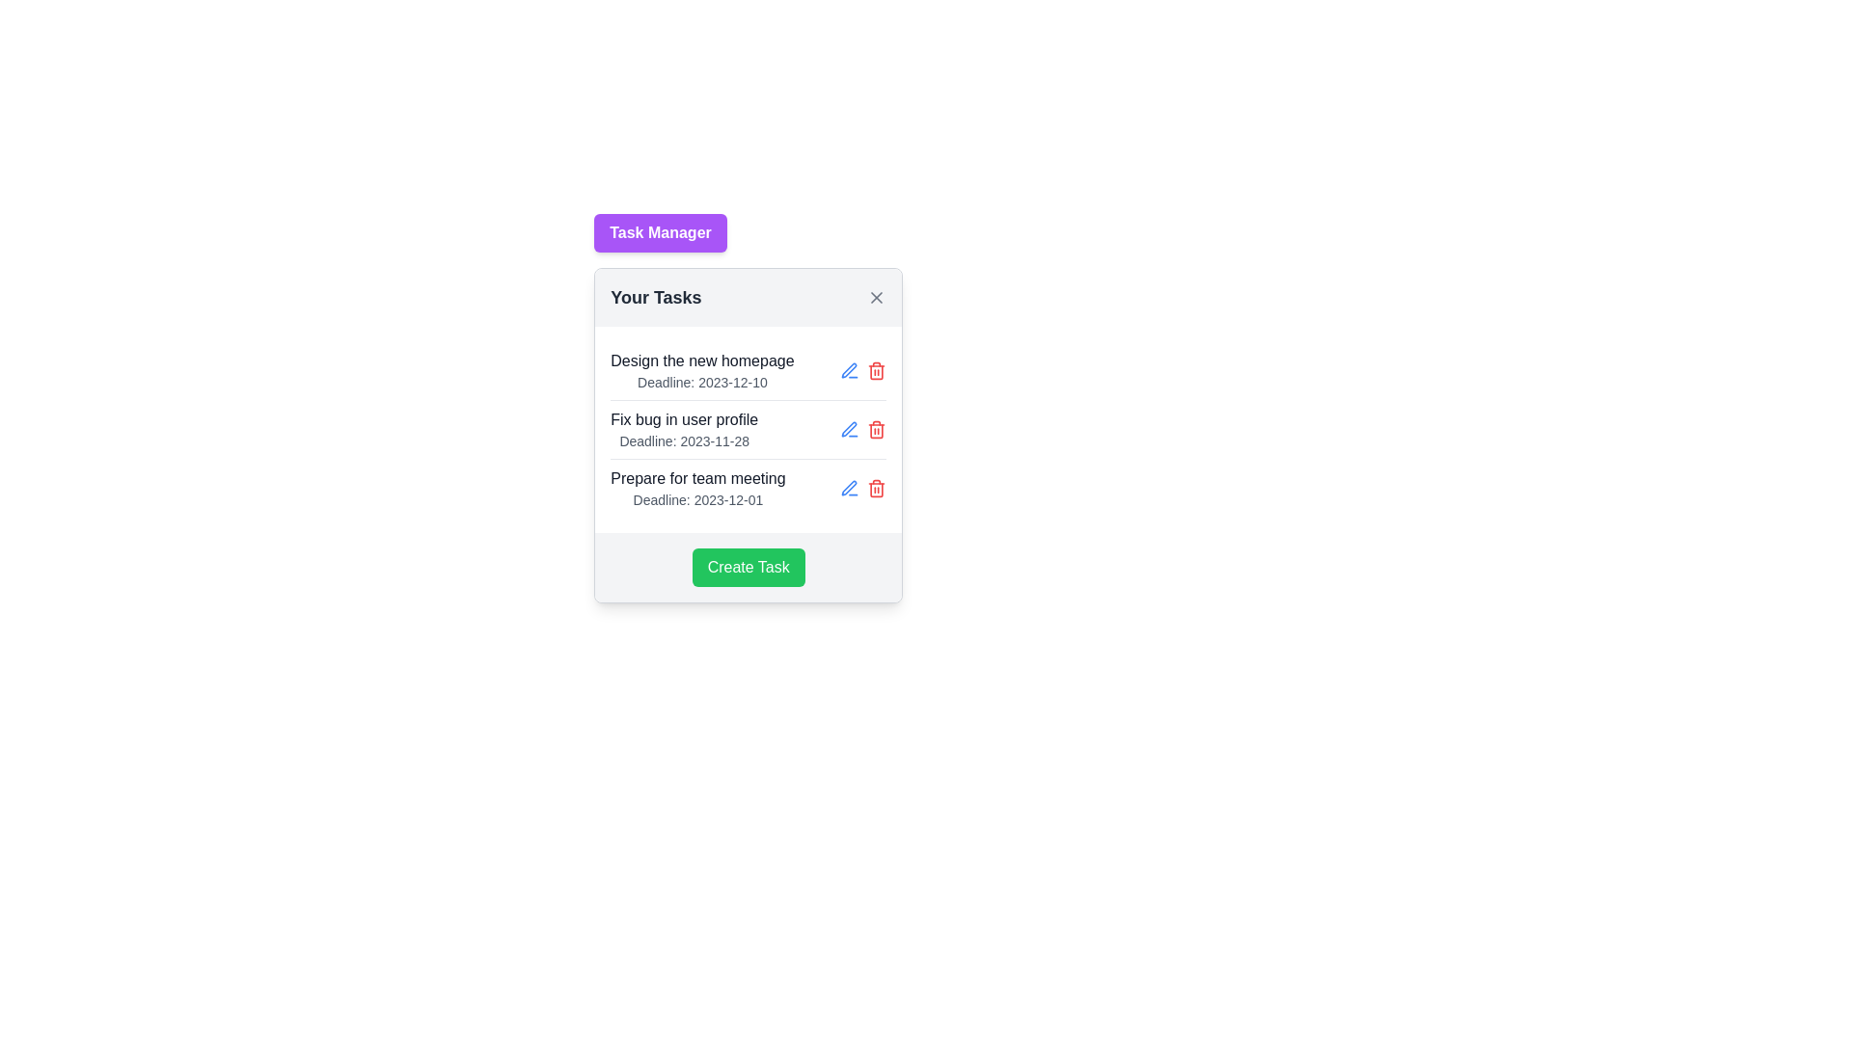 This screenshot has height=1041, width=1852. What do you see at coordinates (684, 429) in the screenshot?
I see `the Label/Text Block that displays task information, located in the middle task row of the task list under the 'Your Tasks' heading` at bounding box center [684, 429].